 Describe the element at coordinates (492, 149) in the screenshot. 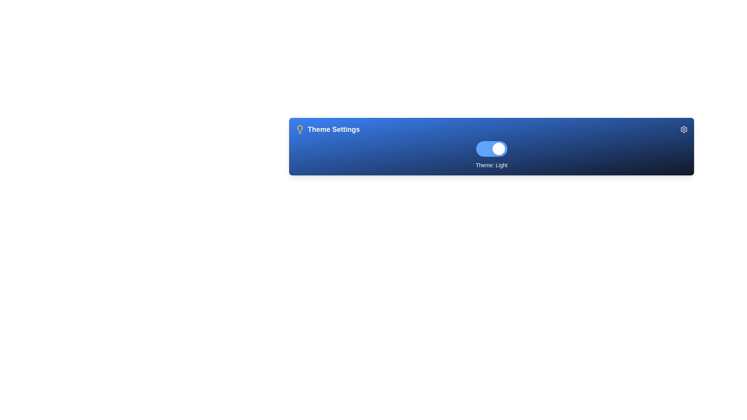

I see `the toggle` at that location.